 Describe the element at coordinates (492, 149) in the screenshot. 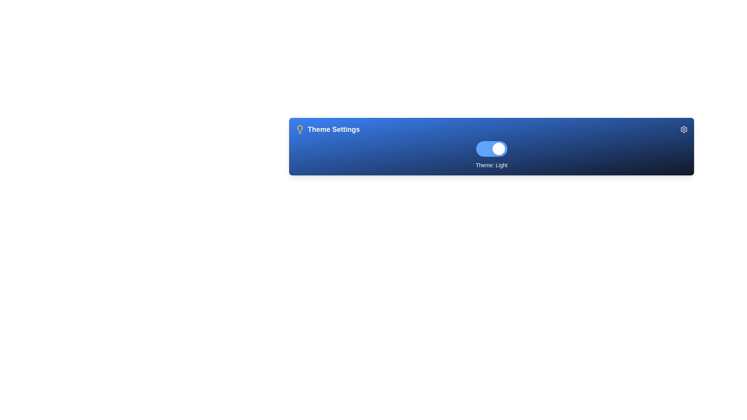

I see `the toggle` at that location.